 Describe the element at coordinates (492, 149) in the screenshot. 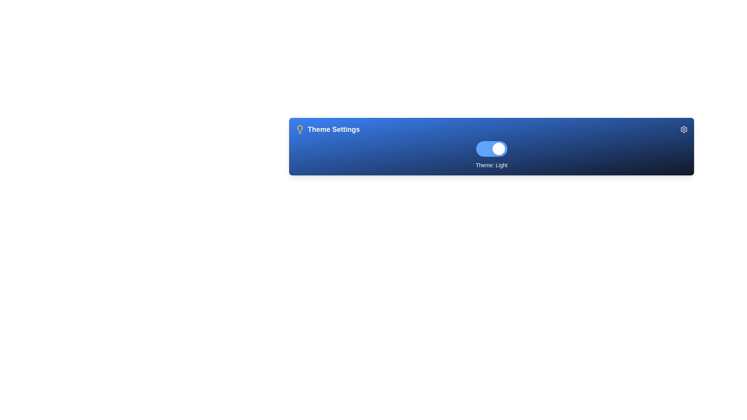

I see `the toggle` at that location.